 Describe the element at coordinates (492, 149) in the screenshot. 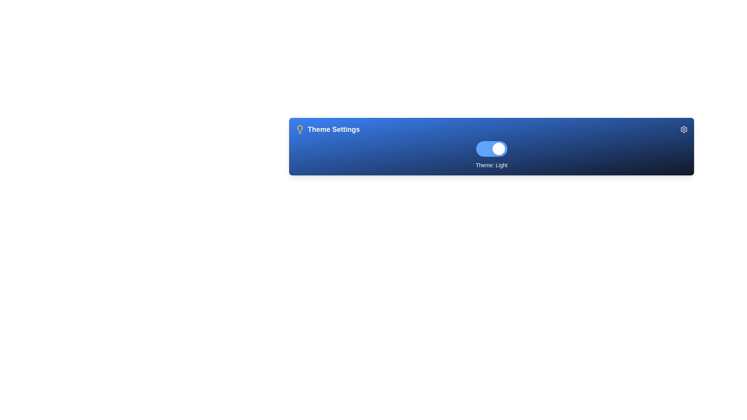

I see `the toggle` at that location.